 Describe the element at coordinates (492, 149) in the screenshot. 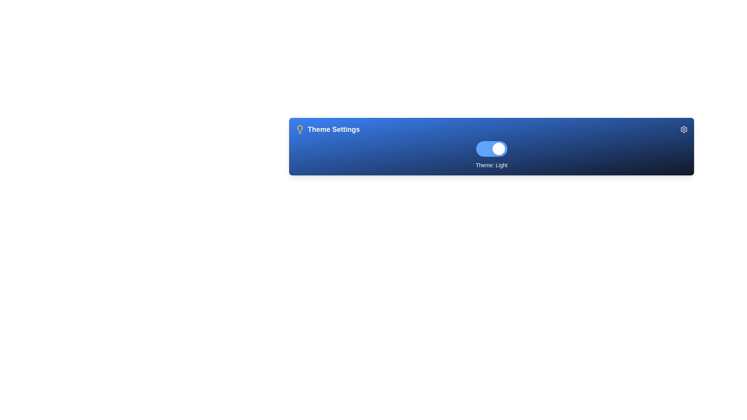

I see `the toggle` at that location.